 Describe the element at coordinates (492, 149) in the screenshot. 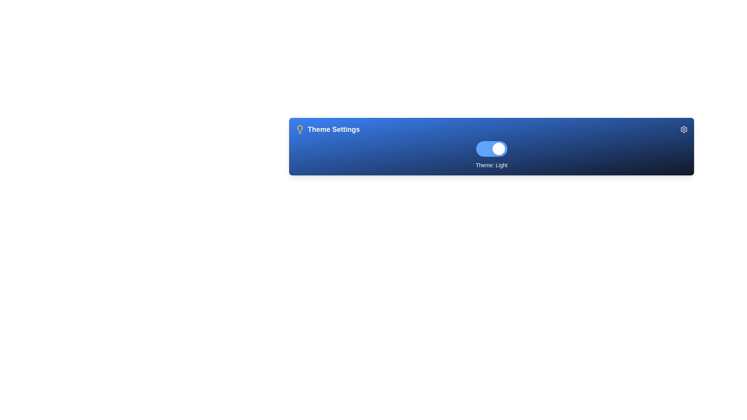

I see `the toggle` at that location.